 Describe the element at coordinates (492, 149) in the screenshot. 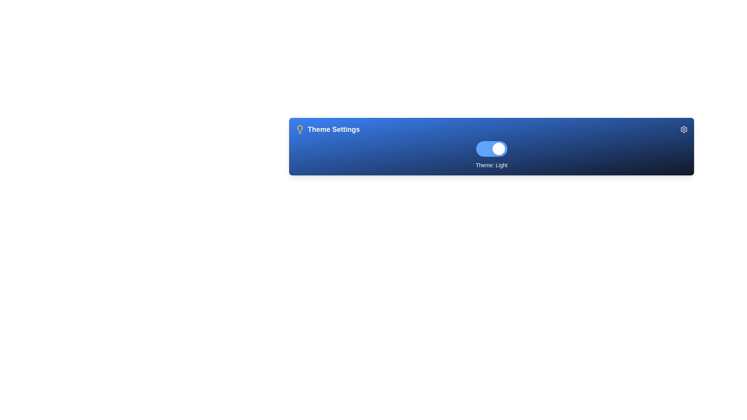

I see `the toggle` at that location.